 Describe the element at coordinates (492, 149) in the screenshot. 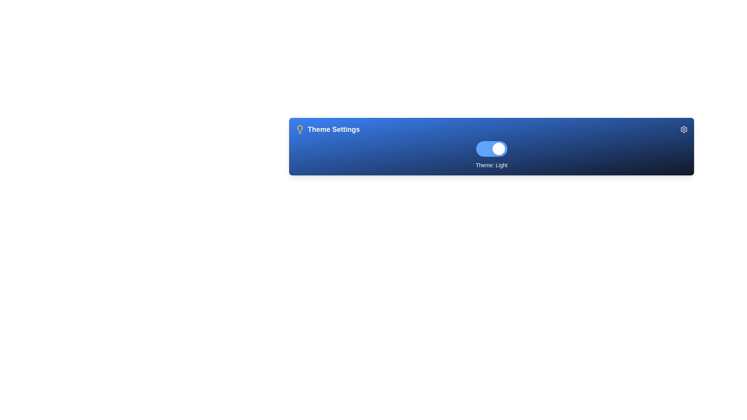

I see `the toggle` at that location.